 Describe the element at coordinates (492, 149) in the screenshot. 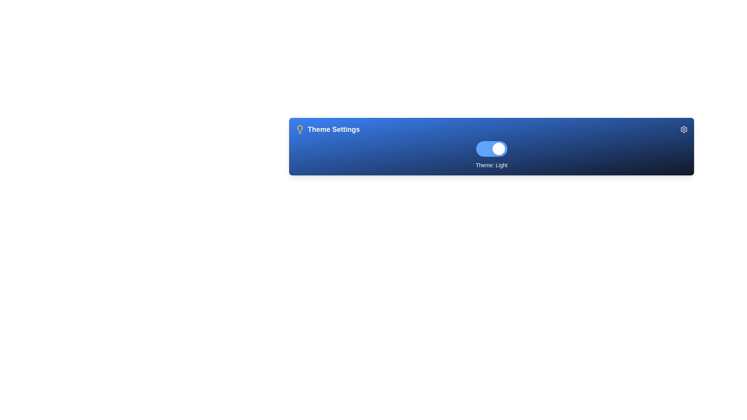

I see `the toggle` at that location.